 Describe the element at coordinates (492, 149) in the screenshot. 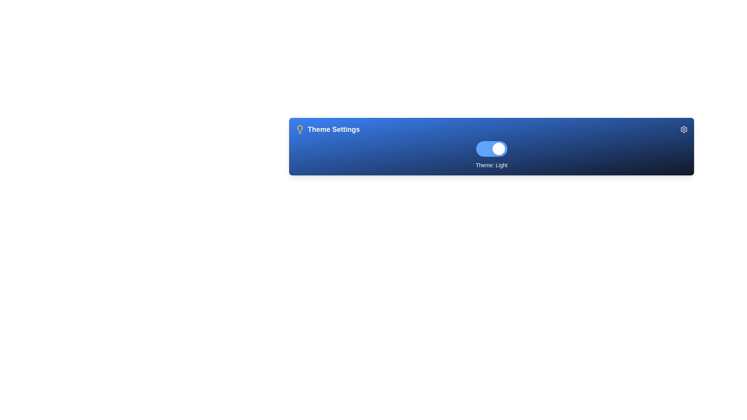

I see `the toggle` at that location.